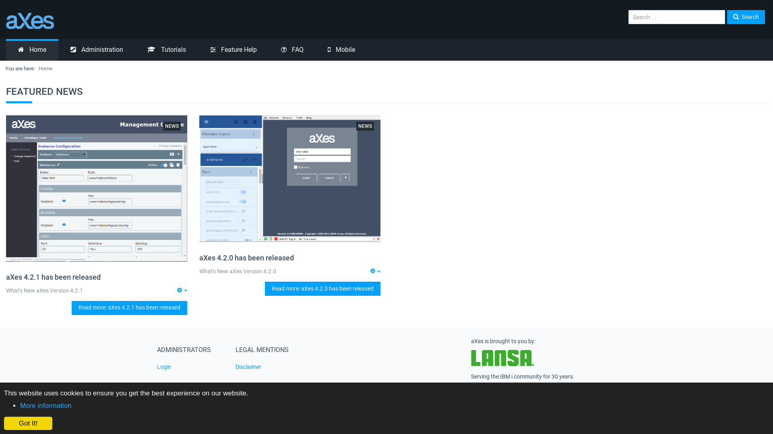  Describe the element at coordinates (190, 367) in the screenshot. I see `'Login'` at that location.